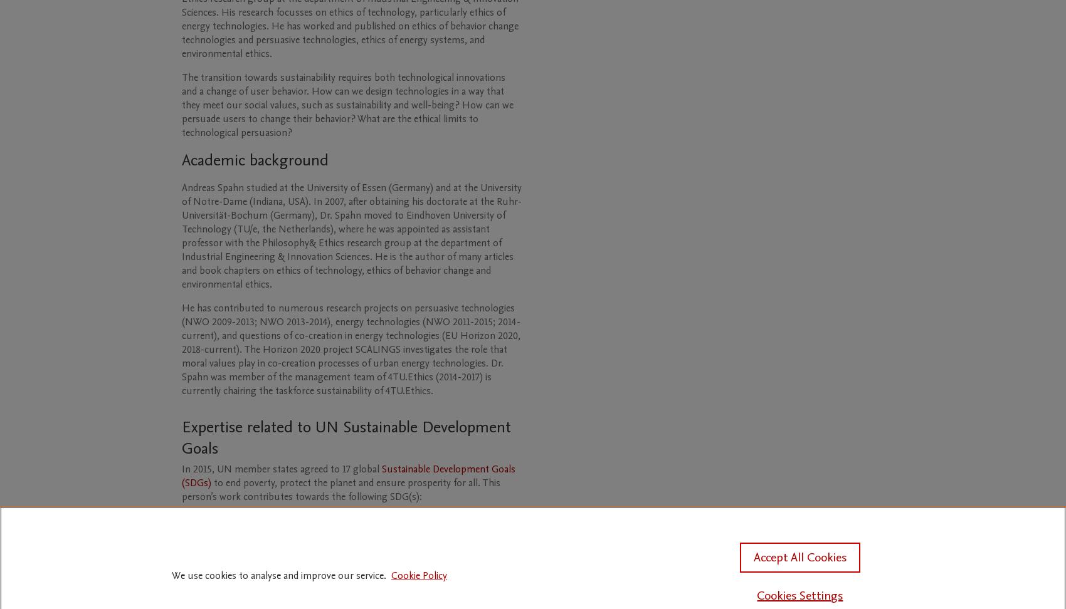 The image size is (1066, 609). I want to click on '4TU.Ethics', so click(408, 390).